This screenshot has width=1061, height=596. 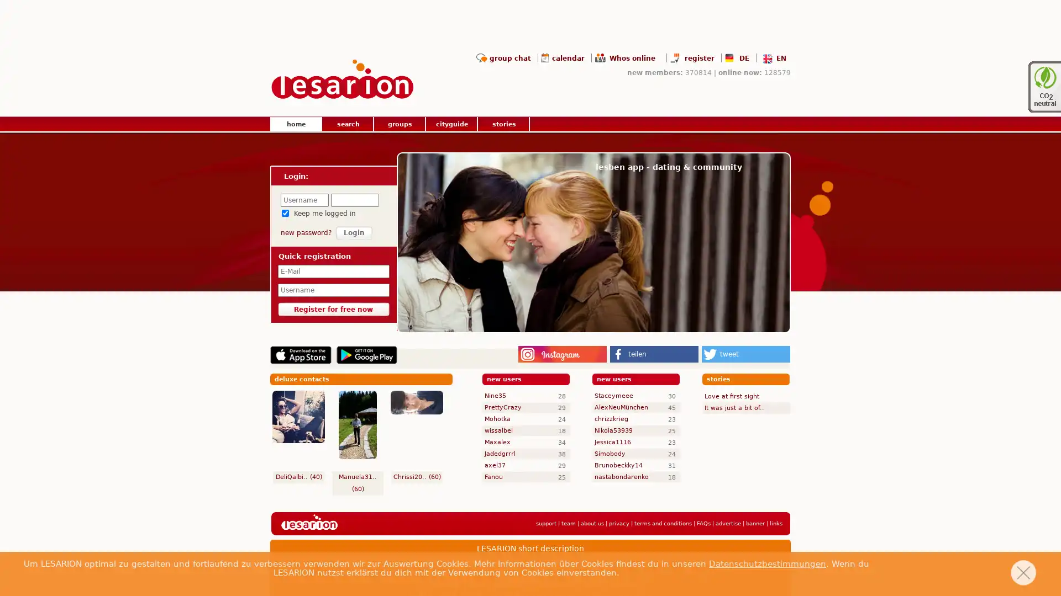 What do you see at coordinates (354, 232) in the screenshot?
I see `Login` at bounding box center [354, 232].